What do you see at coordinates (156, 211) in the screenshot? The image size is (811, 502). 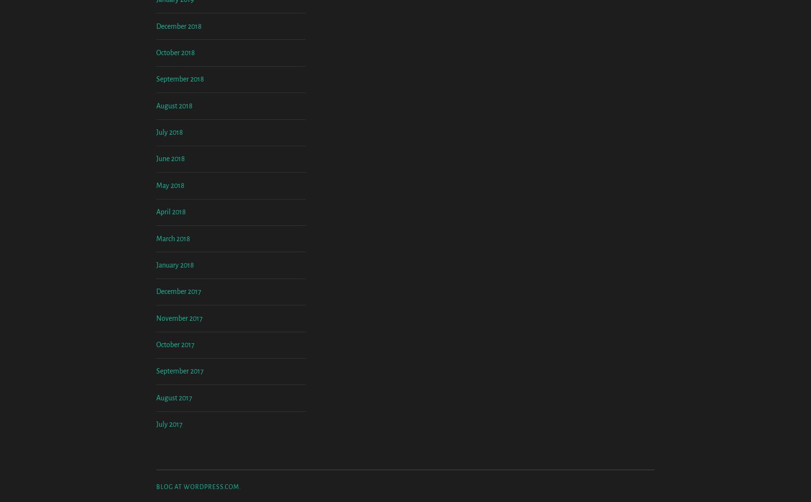 I see `'July 2018'` at bounding box center [156, 211].